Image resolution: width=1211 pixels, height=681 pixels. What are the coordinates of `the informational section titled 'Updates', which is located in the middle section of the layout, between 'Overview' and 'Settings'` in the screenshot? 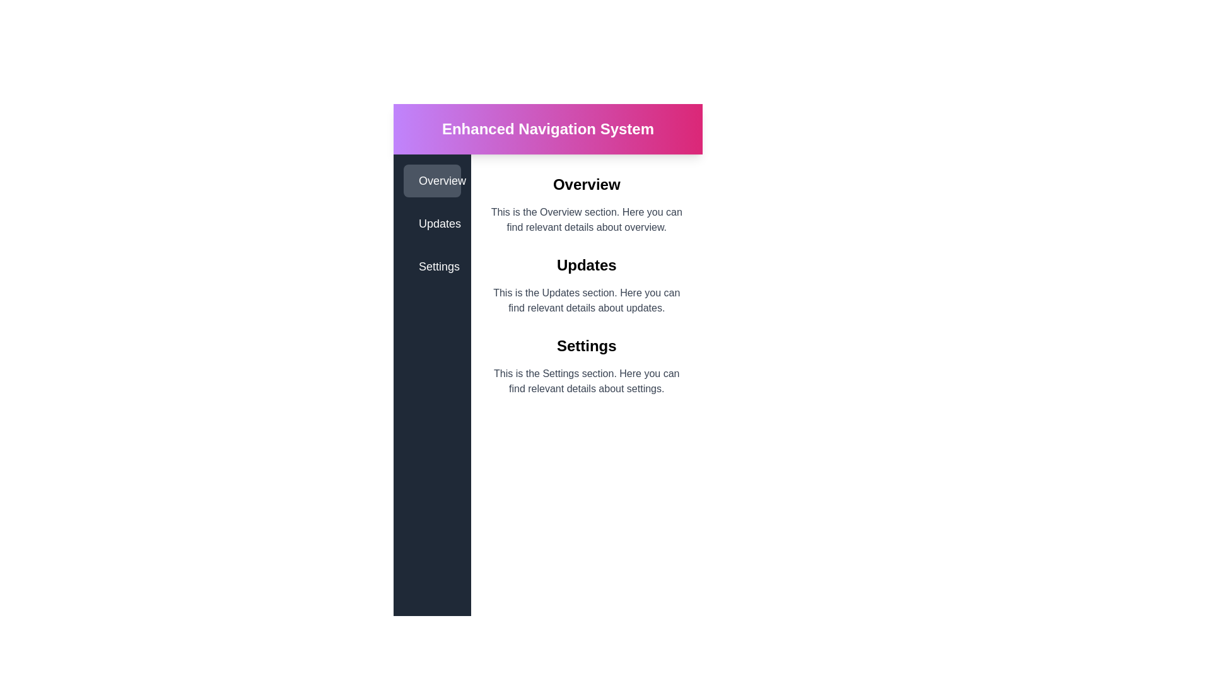 It's located at (586, 285).